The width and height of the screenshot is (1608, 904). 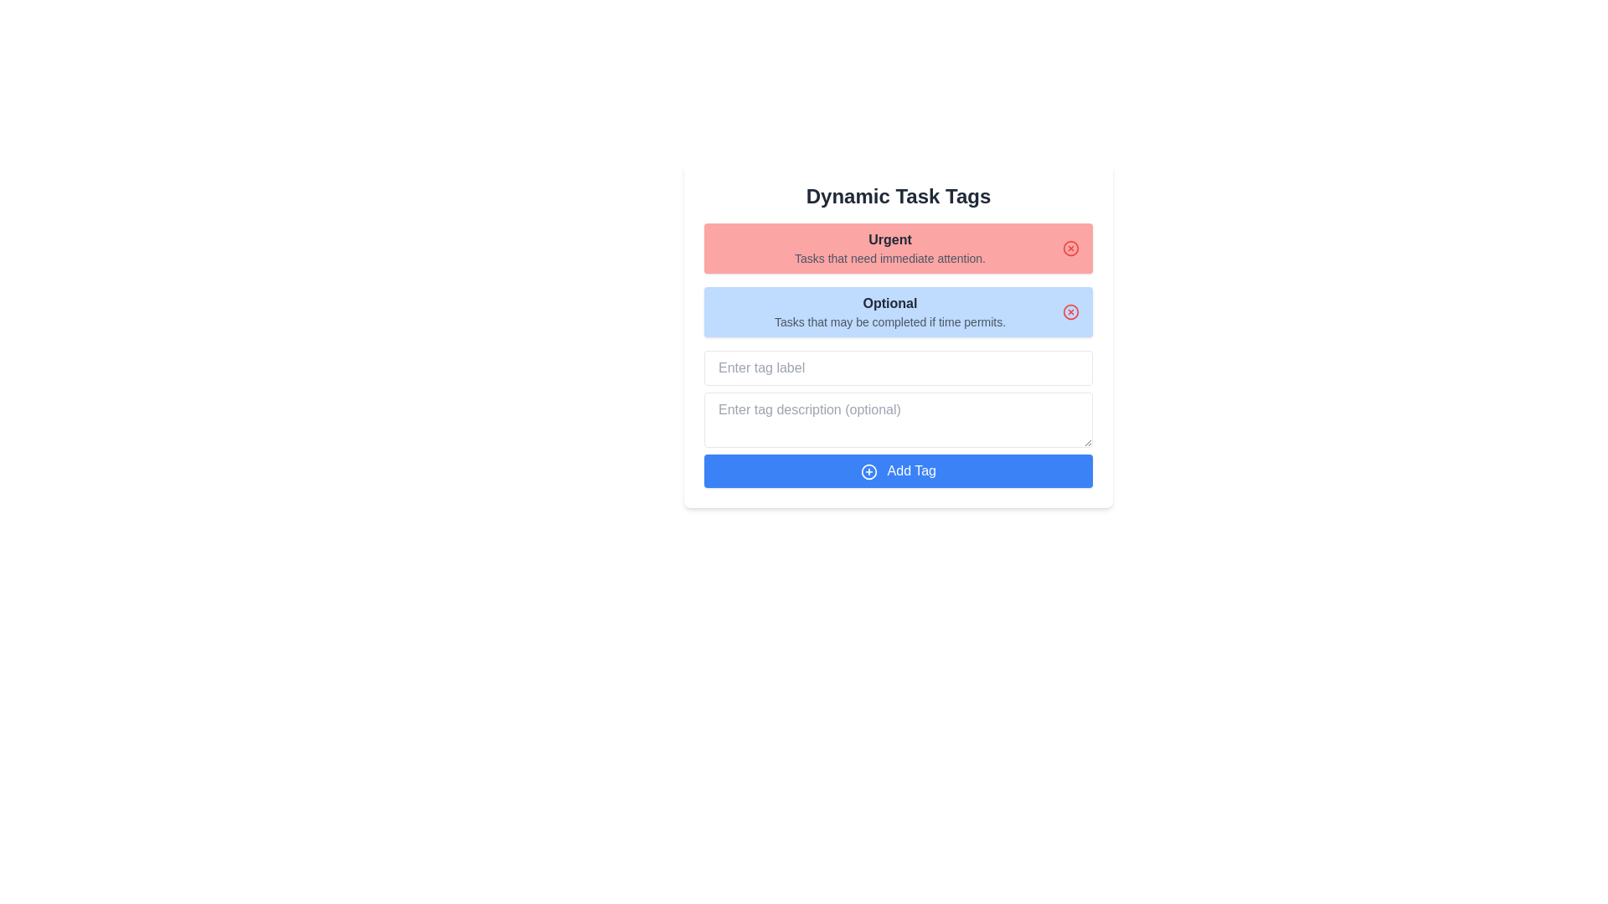 What do you see at coordinates (889, 322) in the screenshot?
I see `the text label displaying the message 'Tasks that may be completed if time permits.' which is located directly below the 'Optional' header in a light blue background` at bounding box center [889, 322].